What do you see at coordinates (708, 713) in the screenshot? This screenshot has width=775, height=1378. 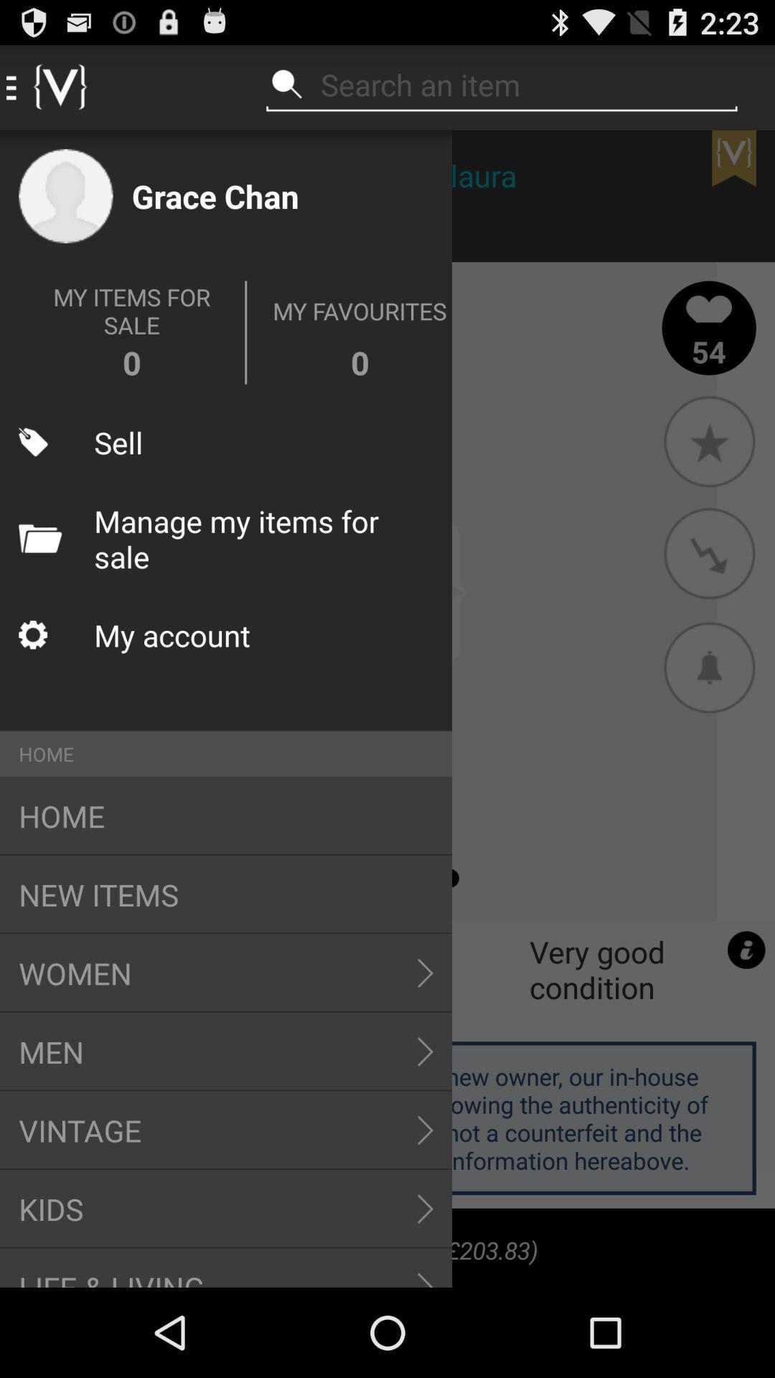 I see `the notifications icon` at bounding box center [708, 713].